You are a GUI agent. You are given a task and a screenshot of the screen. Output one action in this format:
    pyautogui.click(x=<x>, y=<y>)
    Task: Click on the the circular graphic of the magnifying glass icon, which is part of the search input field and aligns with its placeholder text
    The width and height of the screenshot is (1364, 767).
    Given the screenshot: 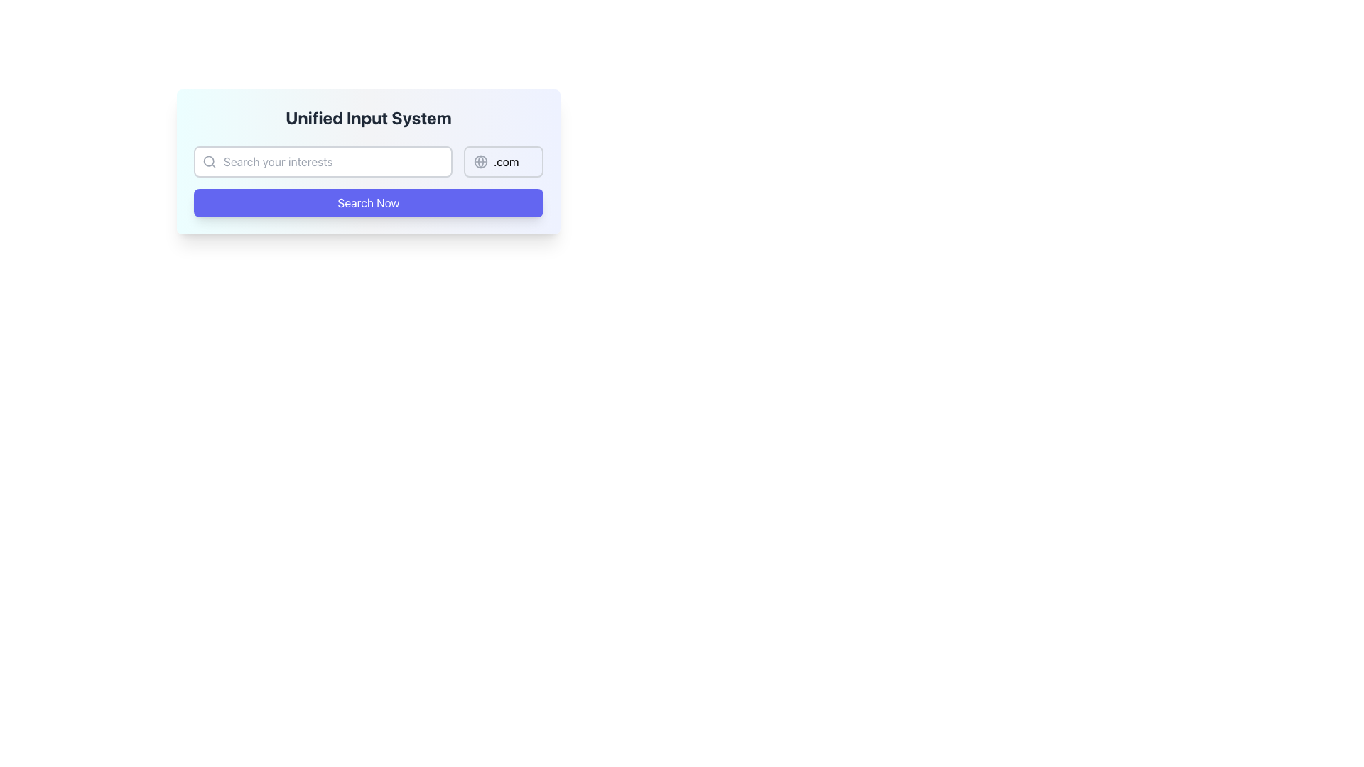 What is the action you would take?
    pyautogui.click(x=208, y=161)
    